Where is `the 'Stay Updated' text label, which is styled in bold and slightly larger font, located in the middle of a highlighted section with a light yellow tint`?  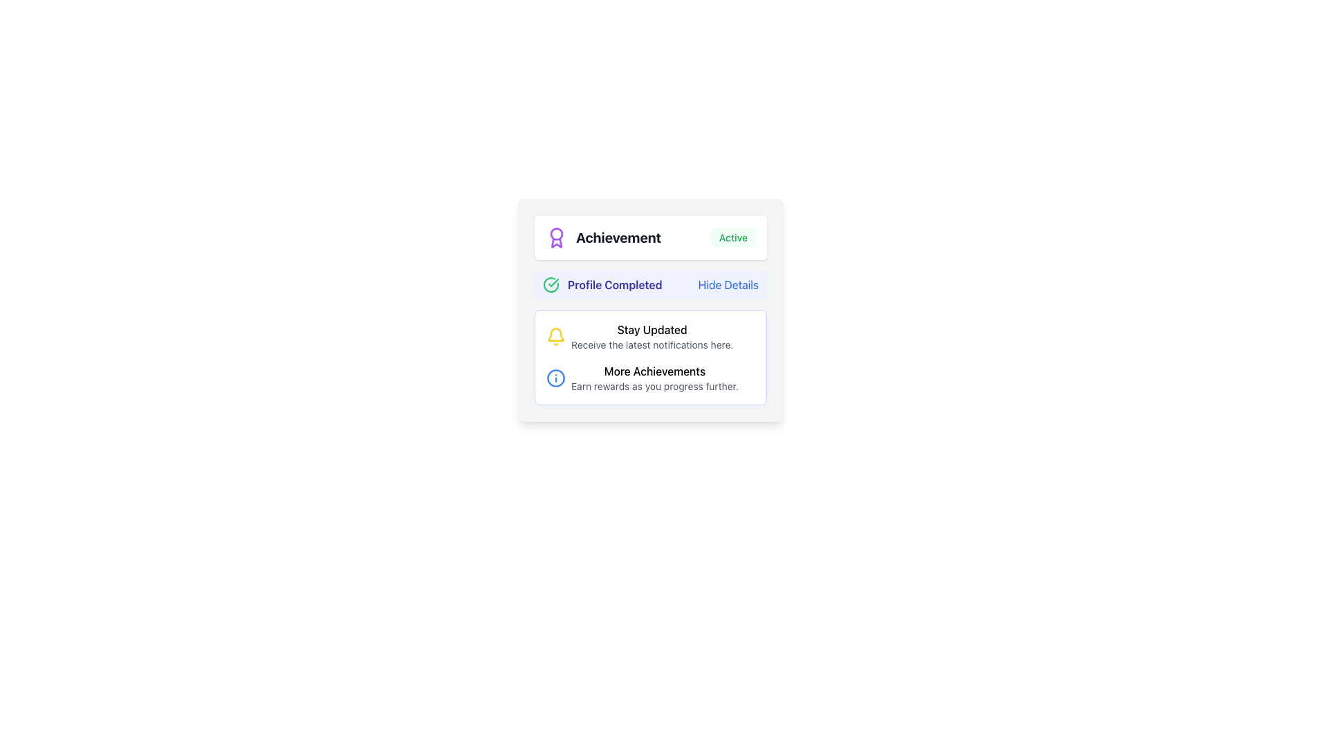 the 'Stay Updated' text label, which is styled in bold and slightly larger font, located in the middle of a highlighted section with a light yellow tint is located at coordinates (652, 330).